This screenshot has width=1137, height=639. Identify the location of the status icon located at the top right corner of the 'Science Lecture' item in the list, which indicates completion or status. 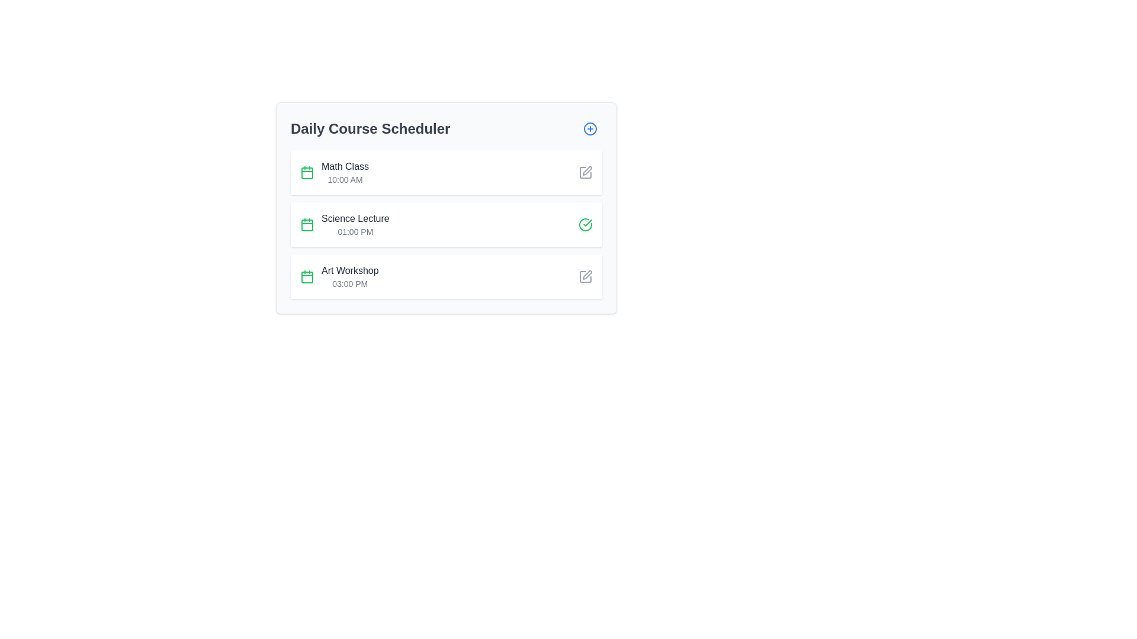
(585, 225).